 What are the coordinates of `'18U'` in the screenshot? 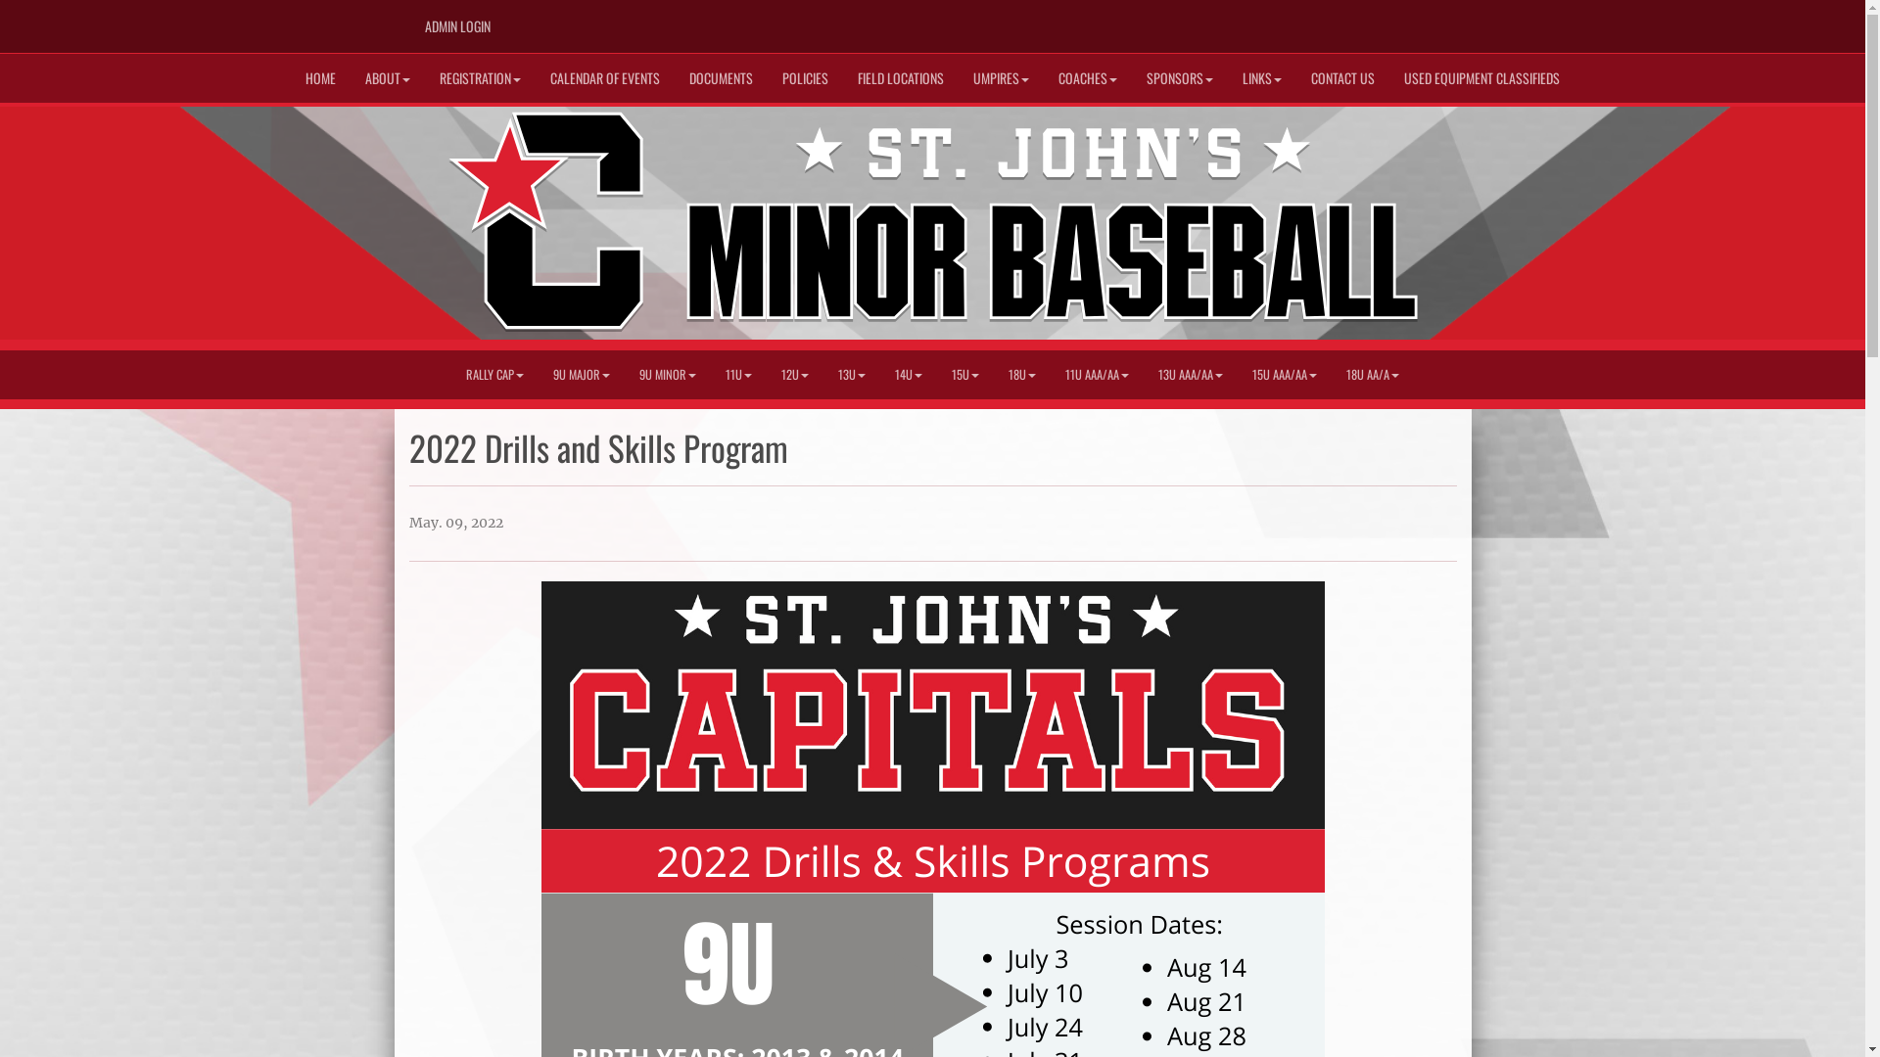 It's located at (1020, 374).